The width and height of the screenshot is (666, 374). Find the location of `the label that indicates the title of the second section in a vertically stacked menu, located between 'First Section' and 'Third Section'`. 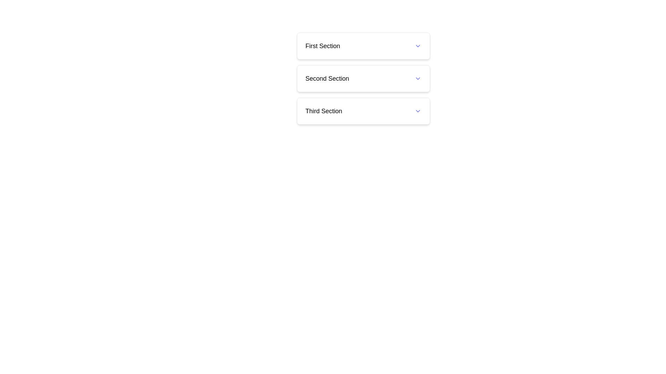

the label that indicates the title of the second section in a vertically stacked menu, located between 'First Section' and 'Third Section' is located at coordinates (327, 78).